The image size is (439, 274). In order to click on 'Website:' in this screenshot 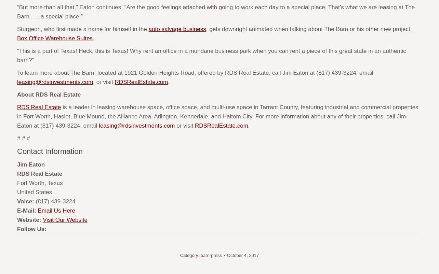, I will do `click(29, 220)`.